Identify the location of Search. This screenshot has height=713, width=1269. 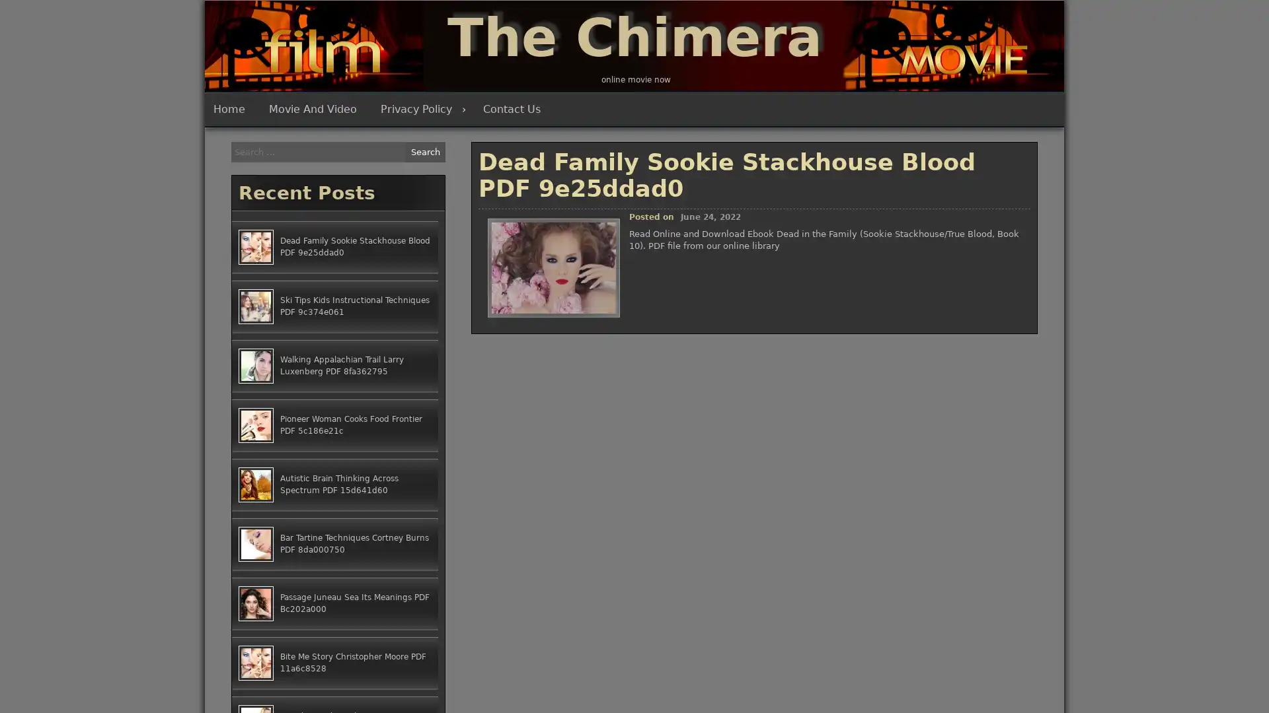
(425, 151).